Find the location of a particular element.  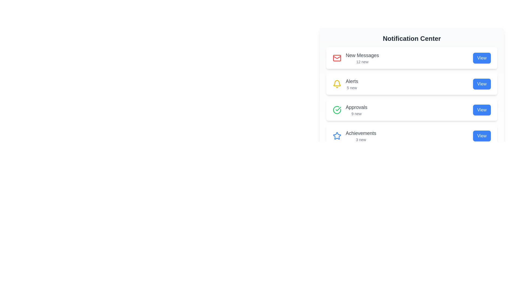

the star-shaped icon with a blue outline and transparent fill, which is the left-most icon in the 'Achievements' notification segment is located at coordinates (337, 135).